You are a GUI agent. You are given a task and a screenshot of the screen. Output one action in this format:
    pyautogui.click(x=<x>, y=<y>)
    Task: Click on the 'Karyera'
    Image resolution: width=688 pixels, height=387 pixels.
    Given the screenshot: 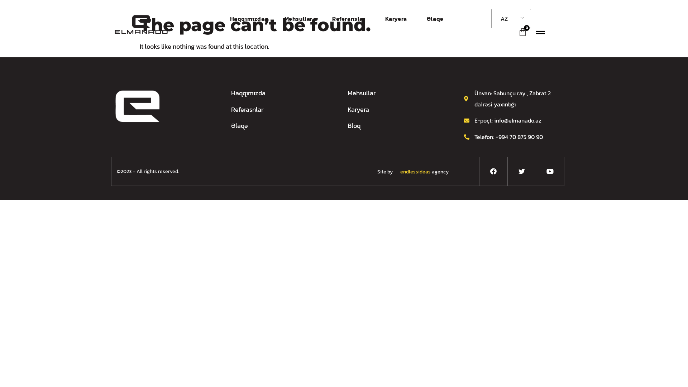 What is the action you would take?
    pyautogui.click(x=385, y=18)
    